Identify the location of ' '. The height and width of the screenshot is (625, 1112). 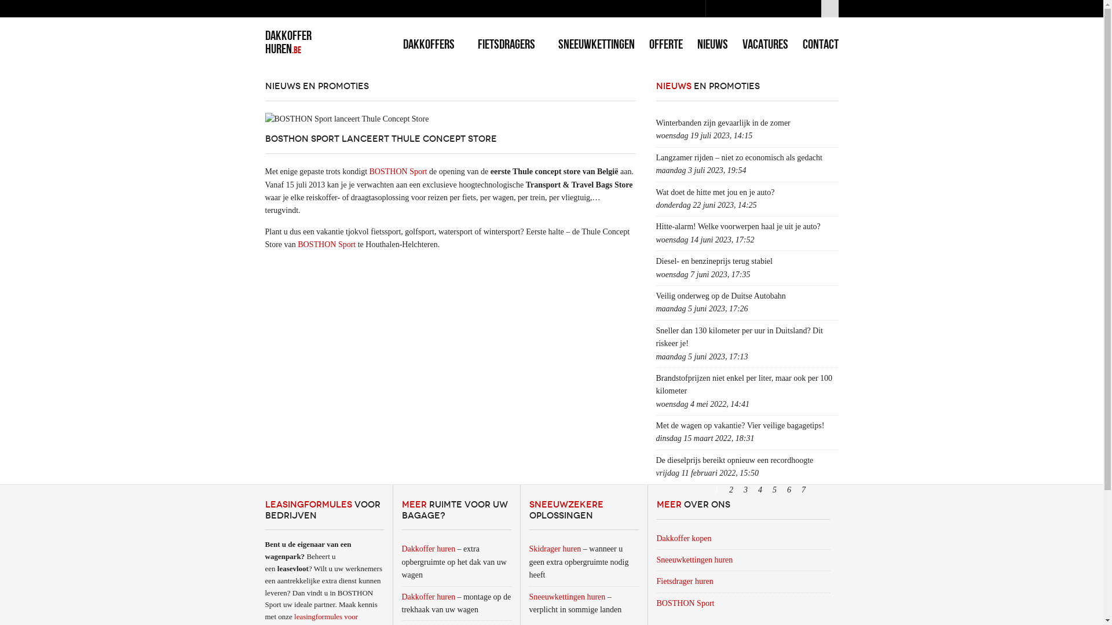
(826, 490).